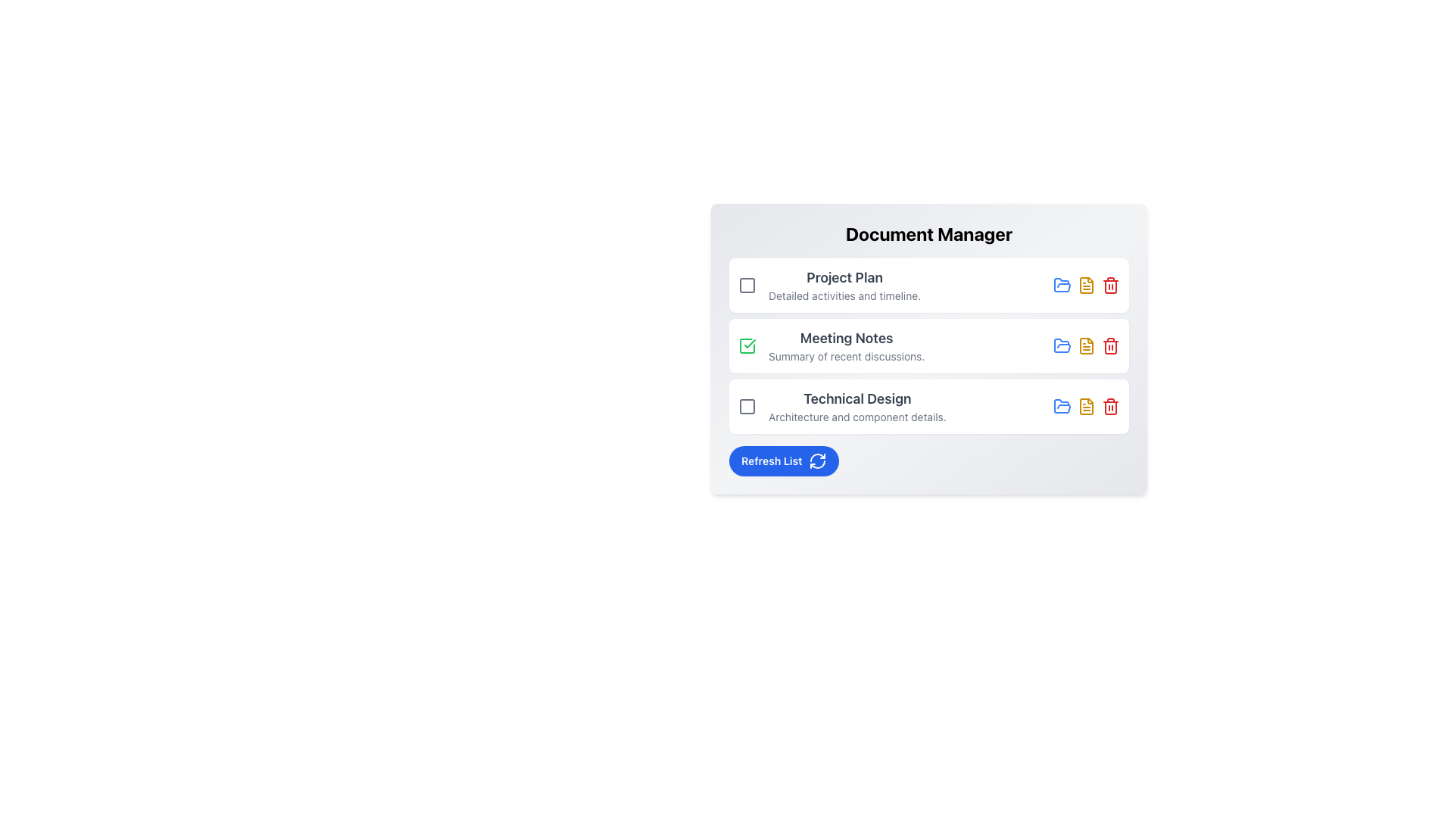 This screenshot has height=818, width=1454. I want to click on the non-descriptive visual indicator icon located to the left of the 'Project Plan' text, so click(747, 286).